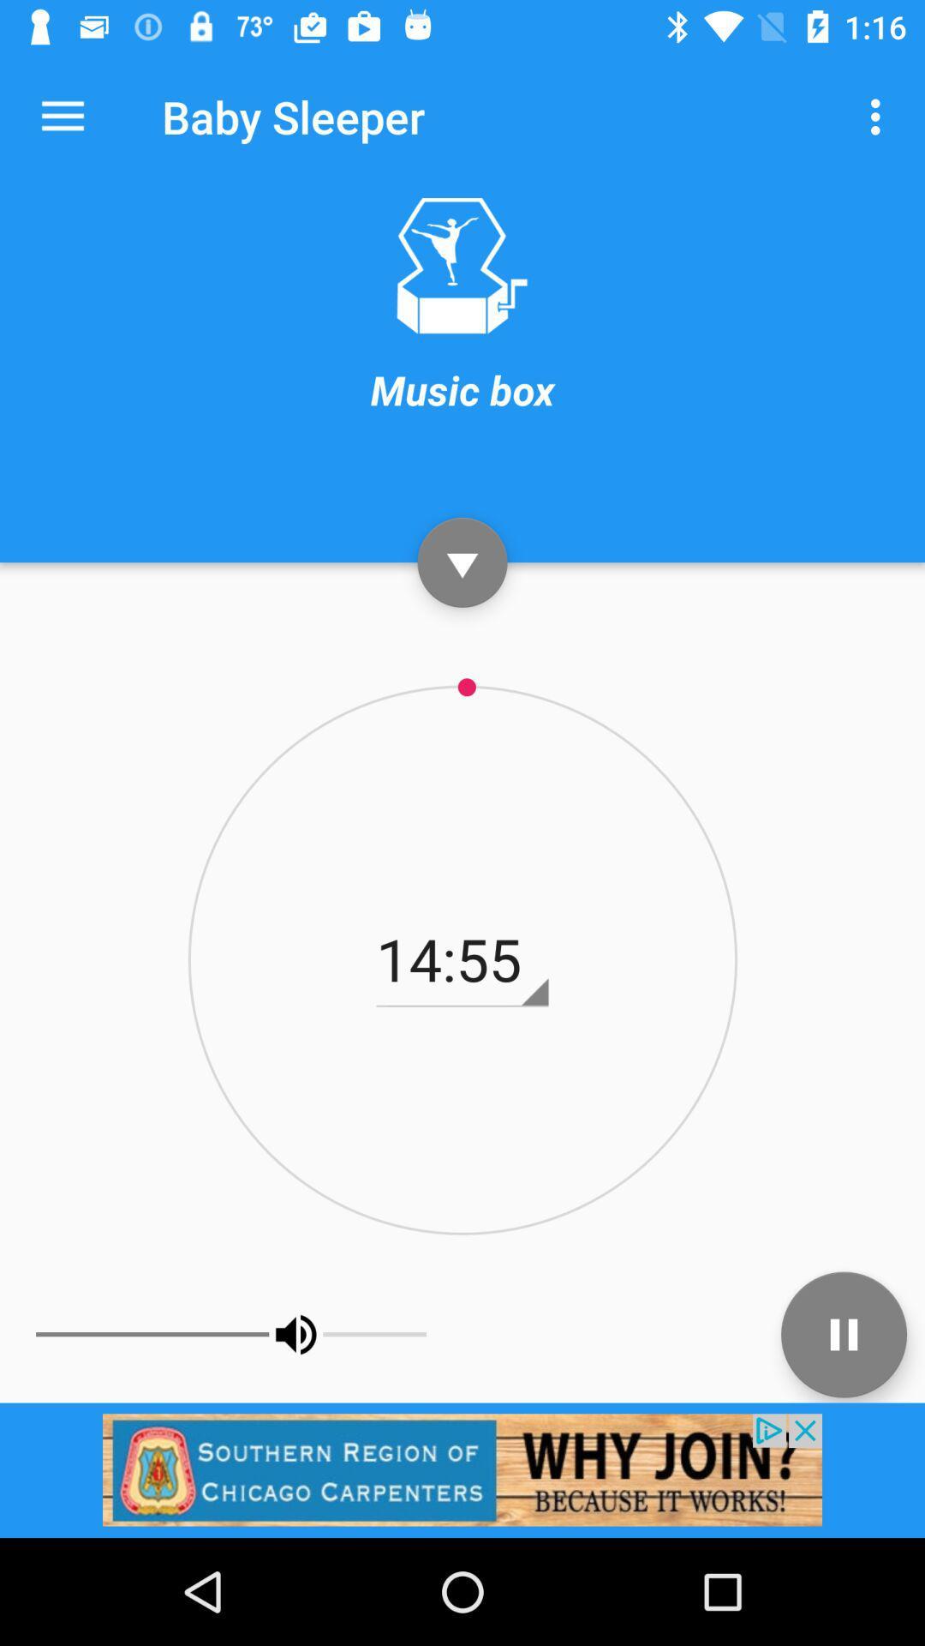  What do you see at coordinates (462, 1469) in the screenshot?
I see `banner` at bounding box center [462, 1469].